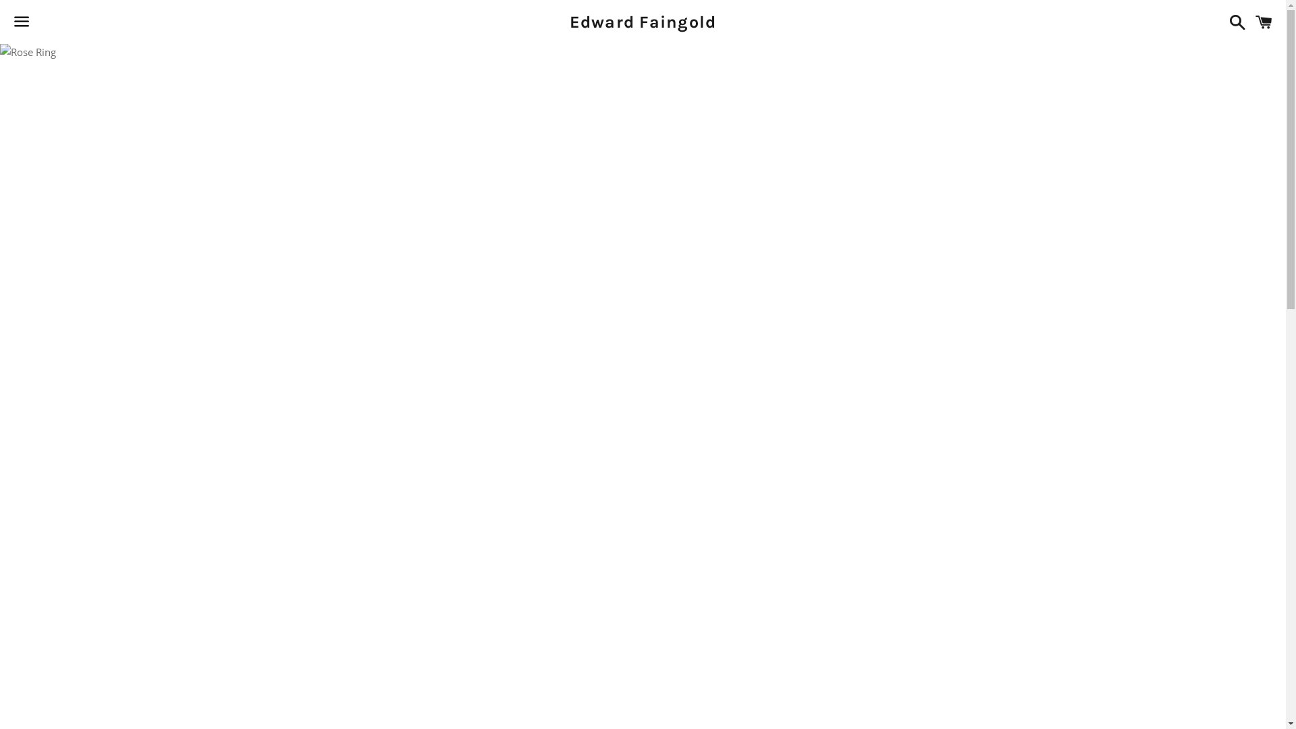  Describe the element at coordinates (22, 22) in the screenshot. I see `'Menu'` at that location.